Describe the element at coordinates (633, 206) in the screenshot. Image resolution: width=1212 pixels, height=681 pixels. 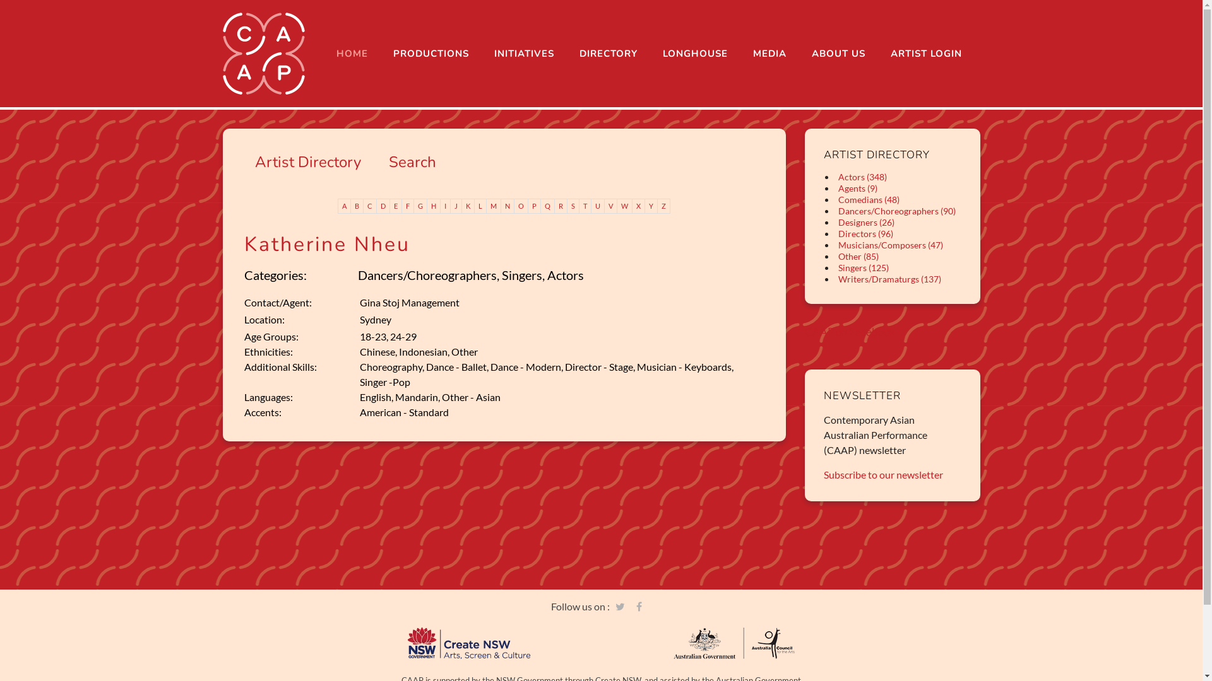
I see `'X'` at that location.